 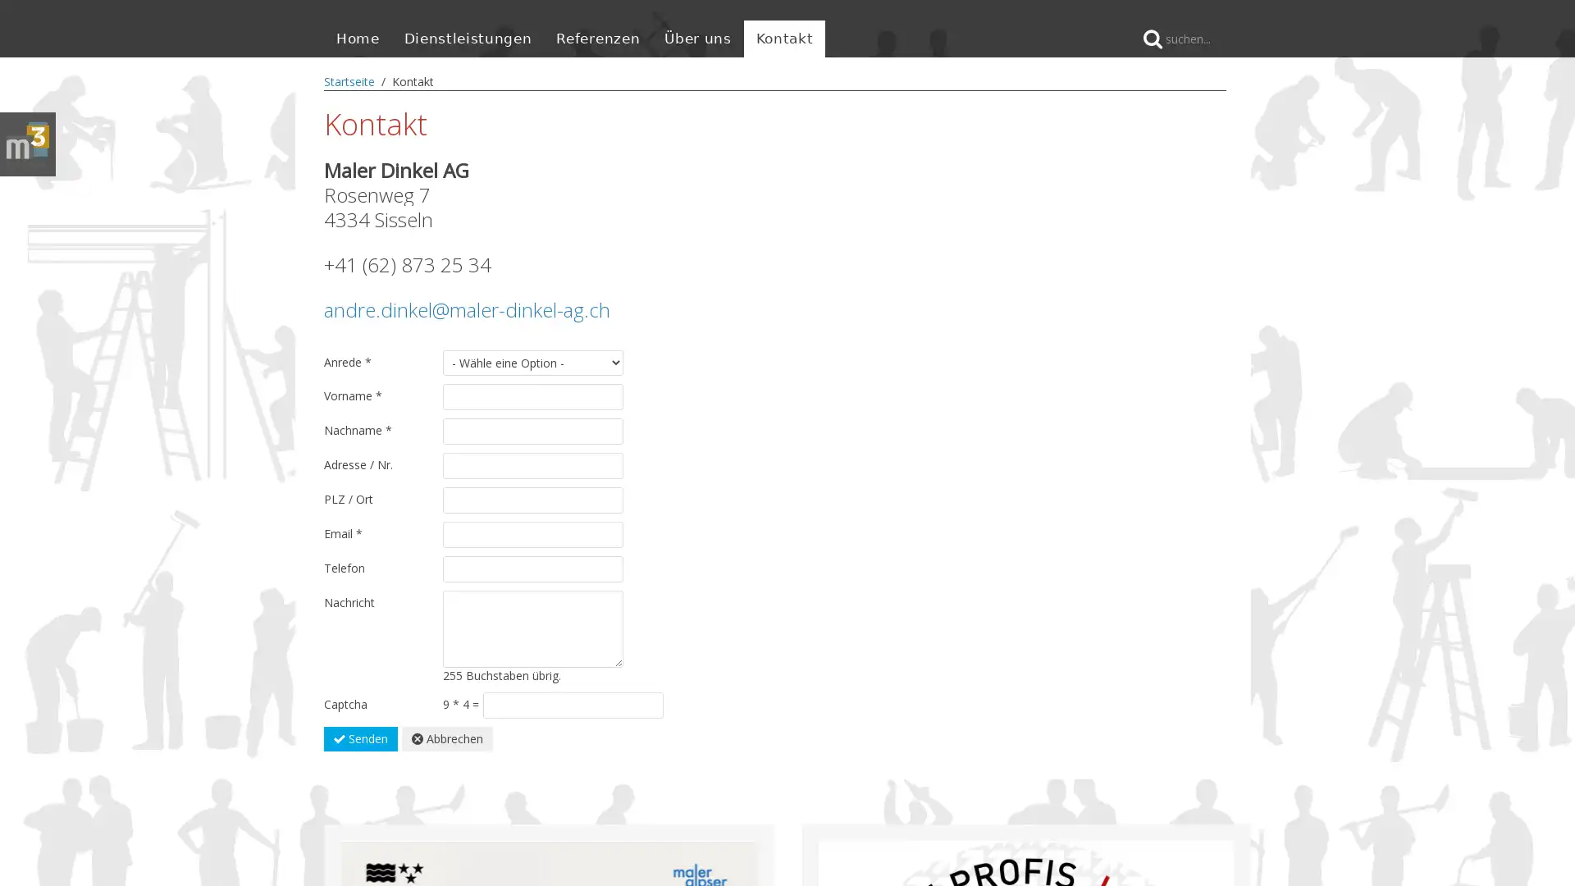 I want to click on J Abbrechen, so click(x=447, y=737).